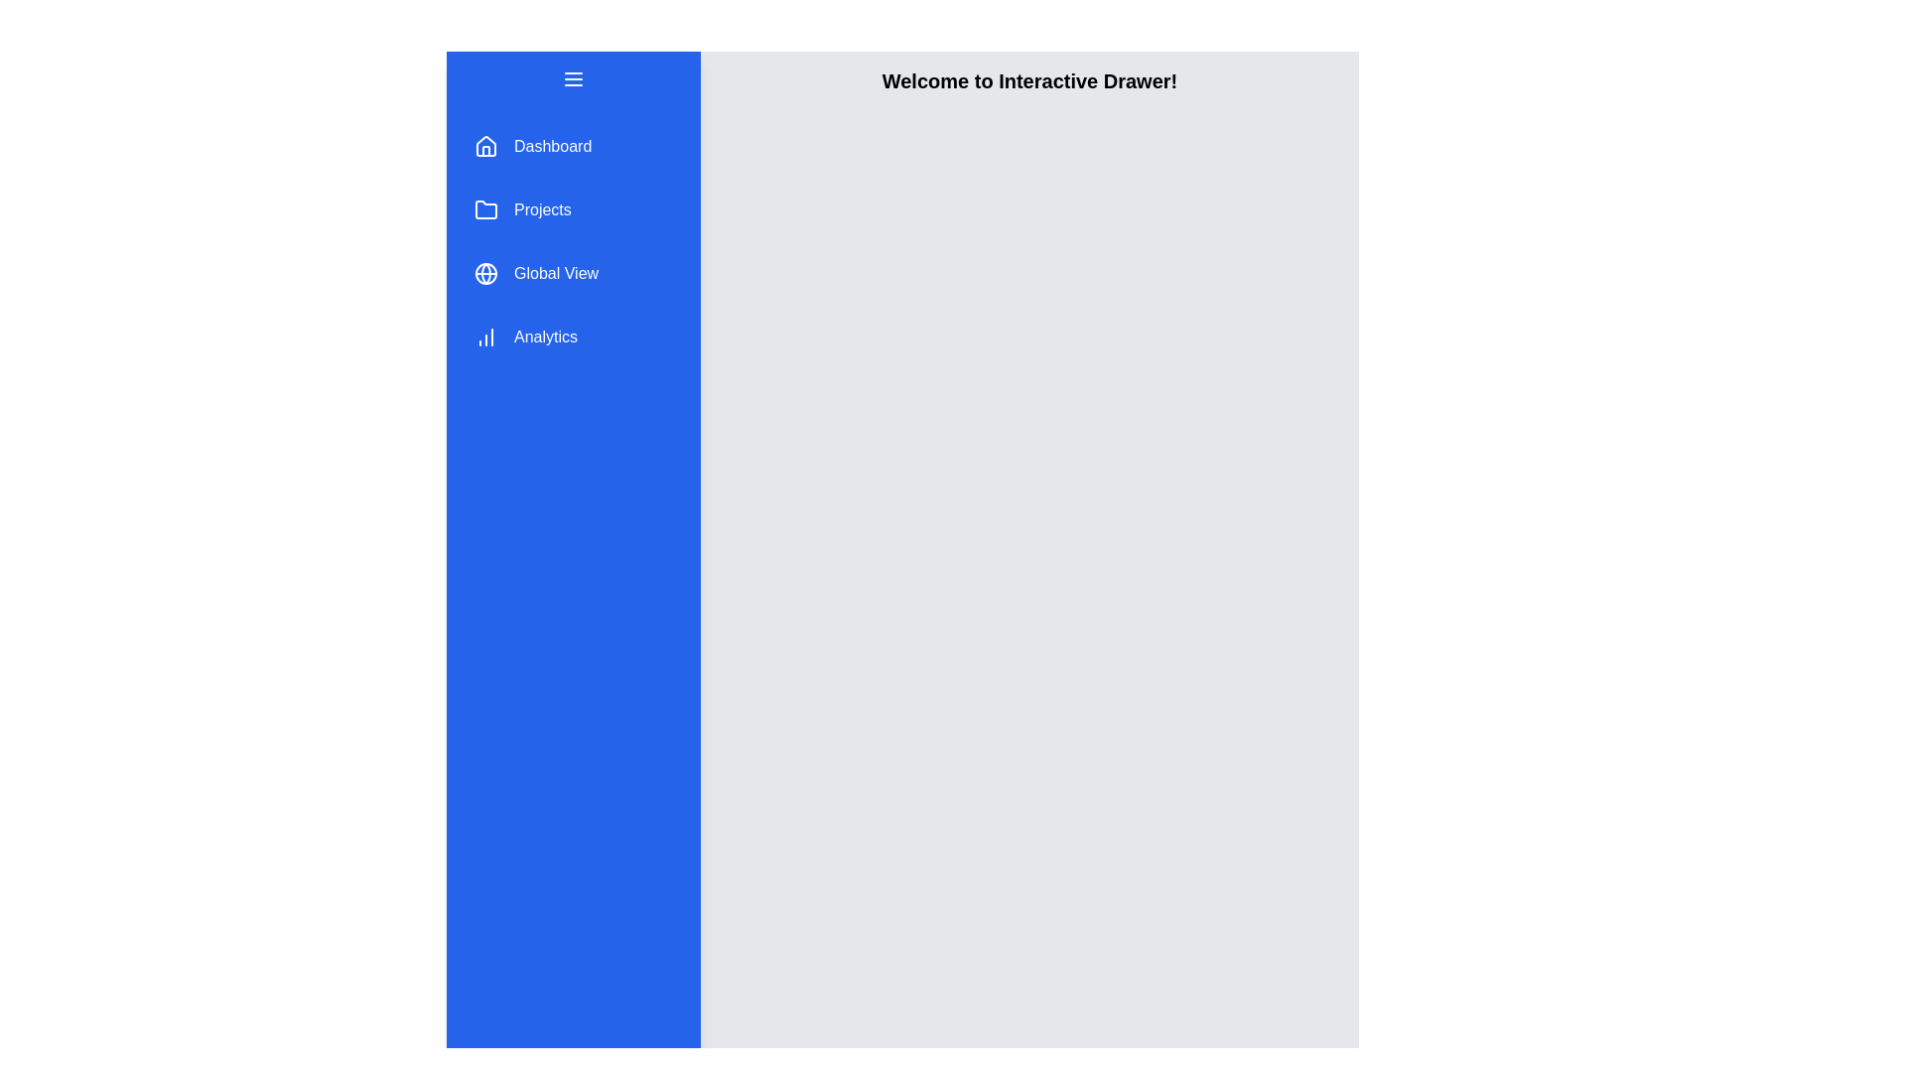  I want to click on the menu item Analytics in the drawer, so click(572, 335).